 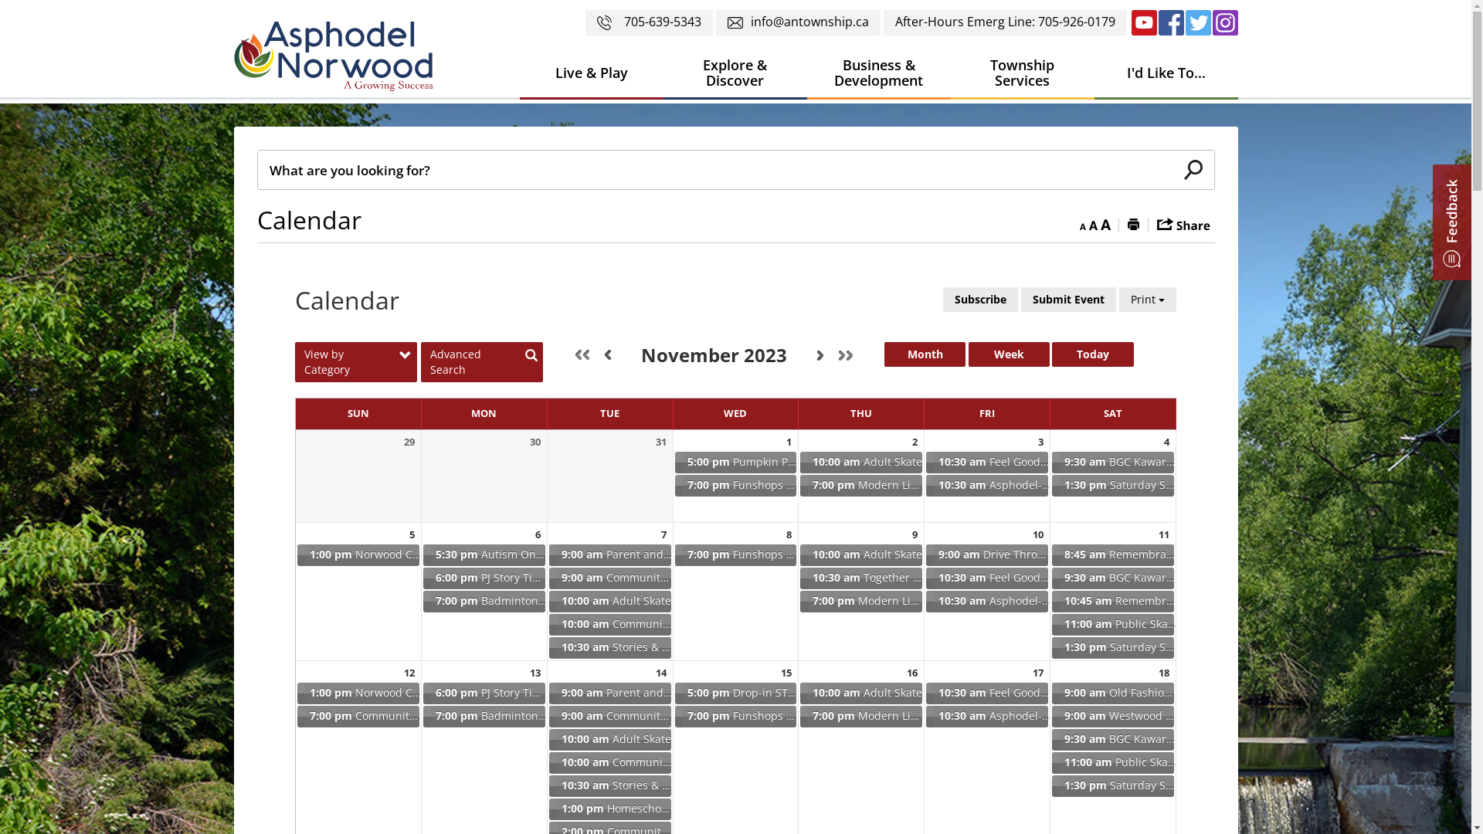 I want to click on '1:00 pm Homeschooler's at the Library', so click(x=609, y=809).